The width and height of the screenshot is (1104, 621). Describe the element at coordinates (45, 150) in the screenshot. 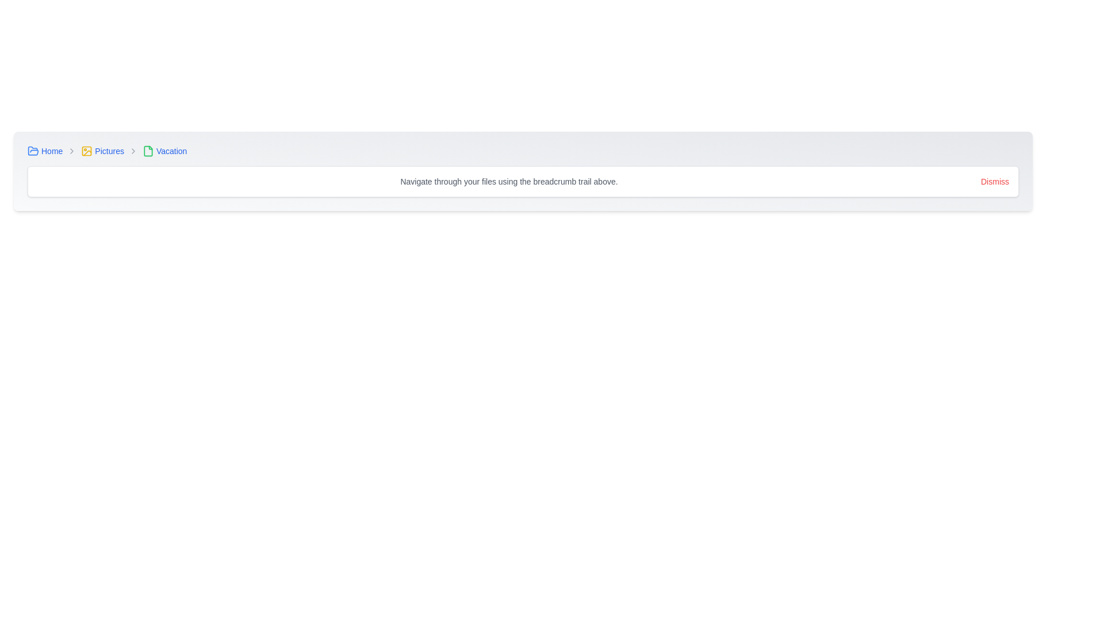

I see `the Breadcrumb Navigation Link, which is the first element in the horizontal breadcrumb navigation bar, likely leading to the home or root directory` at that location.